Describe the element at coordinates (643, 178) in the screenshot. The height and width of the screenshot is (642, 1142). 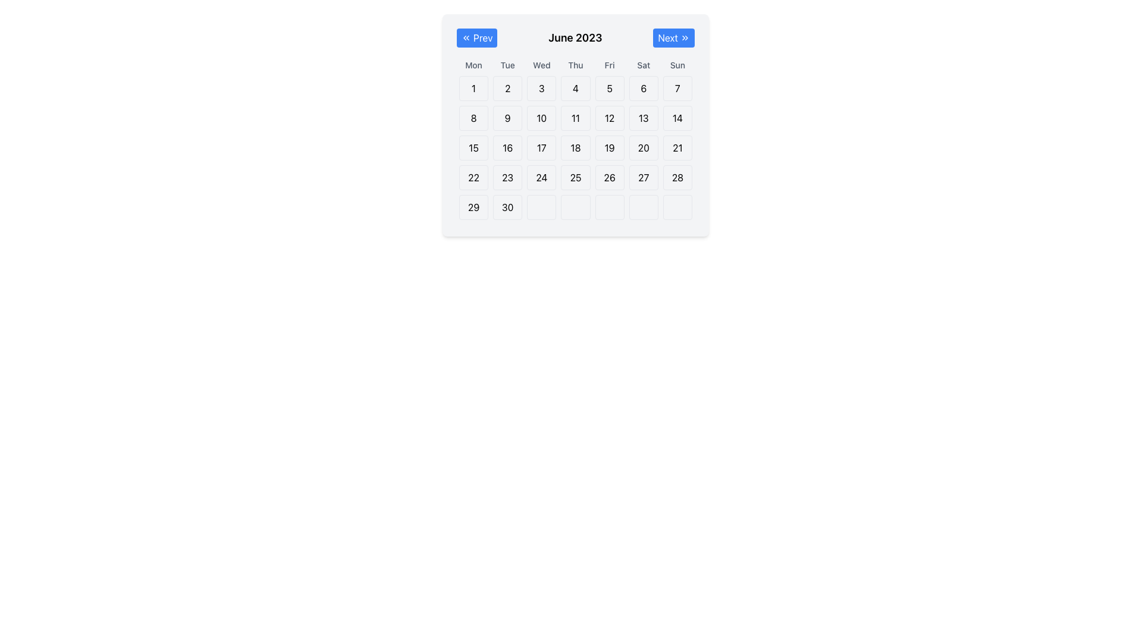
I see `the button representing the date '27' in the calendar view, located as the 6th cell in a row of 7 cells, near the center-right of the calendar interface` at that location.